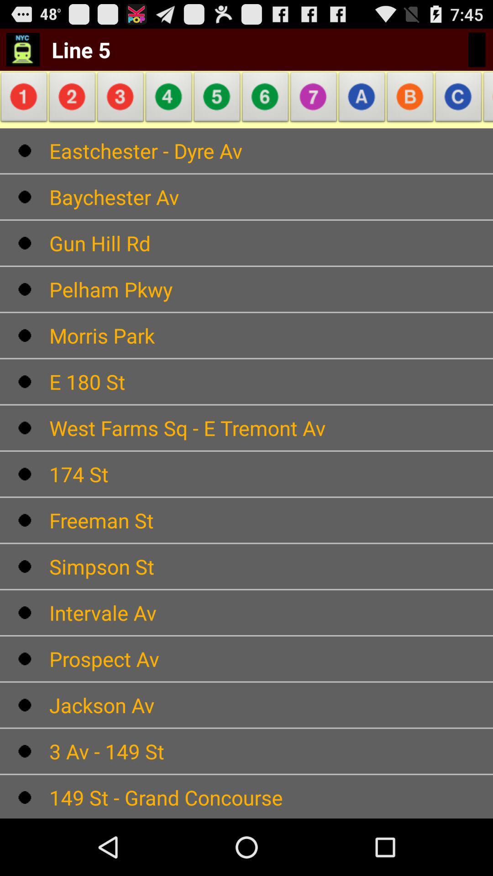 This screenshot has width=493, height=876. Describe the element at coordinates (265, 99) in the screenshot. I see `icon above eastchester - dyre av icon` at that location.